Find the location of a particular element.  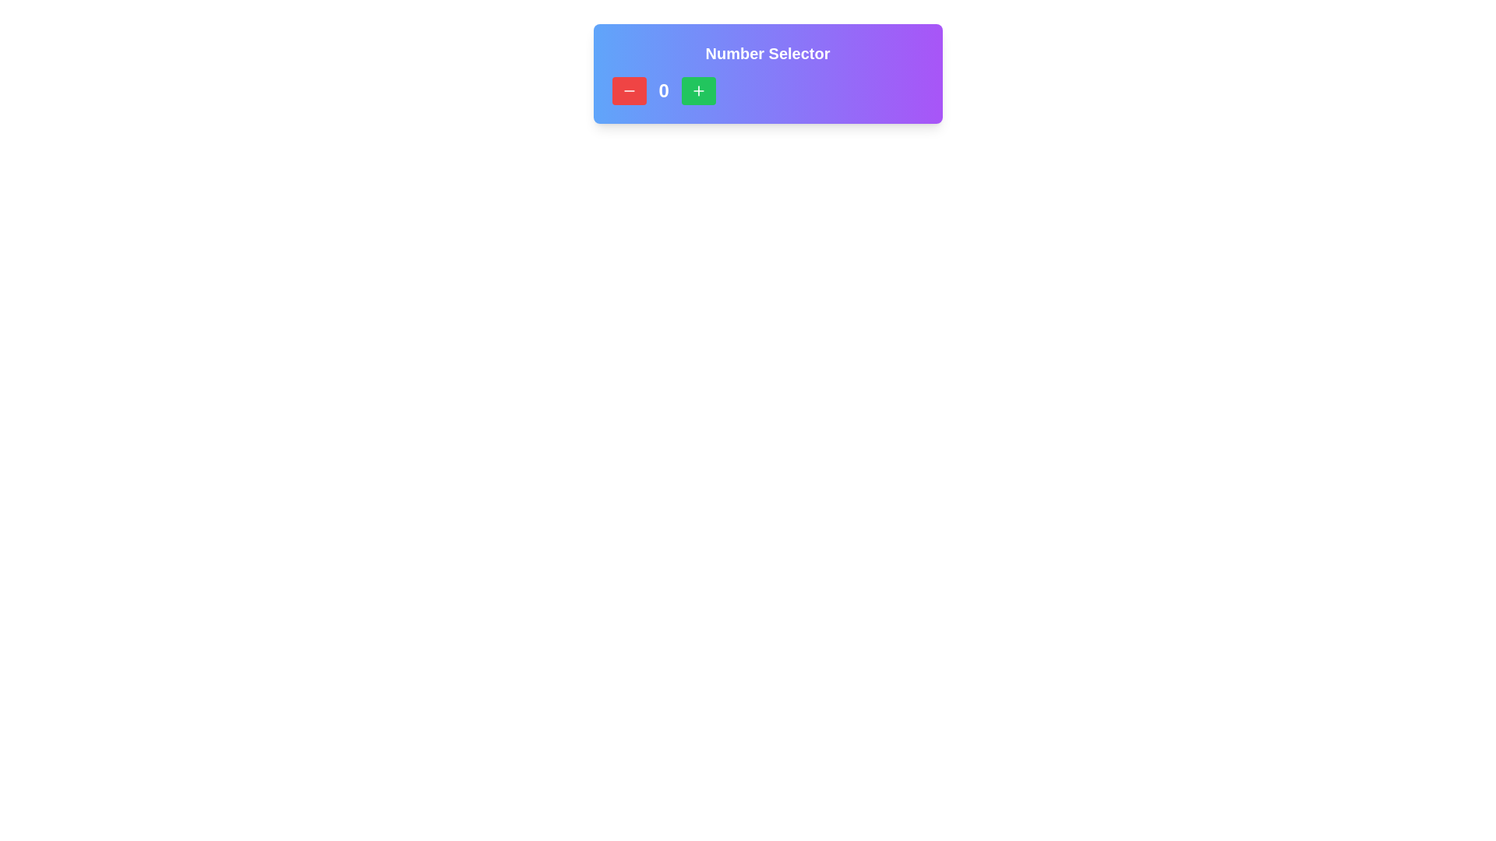

the green circular button with a white plus sign to increment the value is located at coordinates (697, 90).